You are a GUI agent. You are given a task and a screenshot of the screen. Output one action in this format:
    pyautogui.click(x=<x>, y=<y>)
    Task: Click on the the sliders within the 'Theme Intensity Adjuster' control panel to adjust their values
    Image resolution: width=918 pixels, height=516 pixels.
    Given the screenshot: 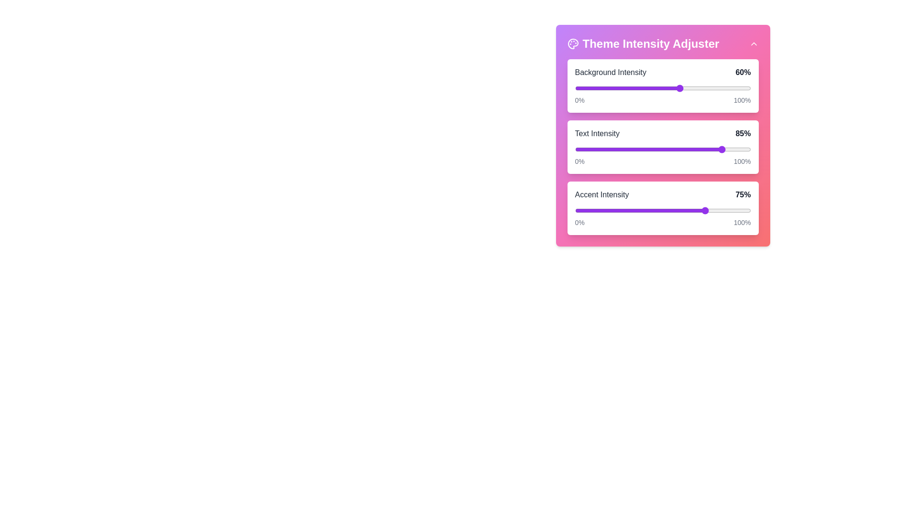 What is the action you would take?
    pyautogui.click(x=662, y=136)
    